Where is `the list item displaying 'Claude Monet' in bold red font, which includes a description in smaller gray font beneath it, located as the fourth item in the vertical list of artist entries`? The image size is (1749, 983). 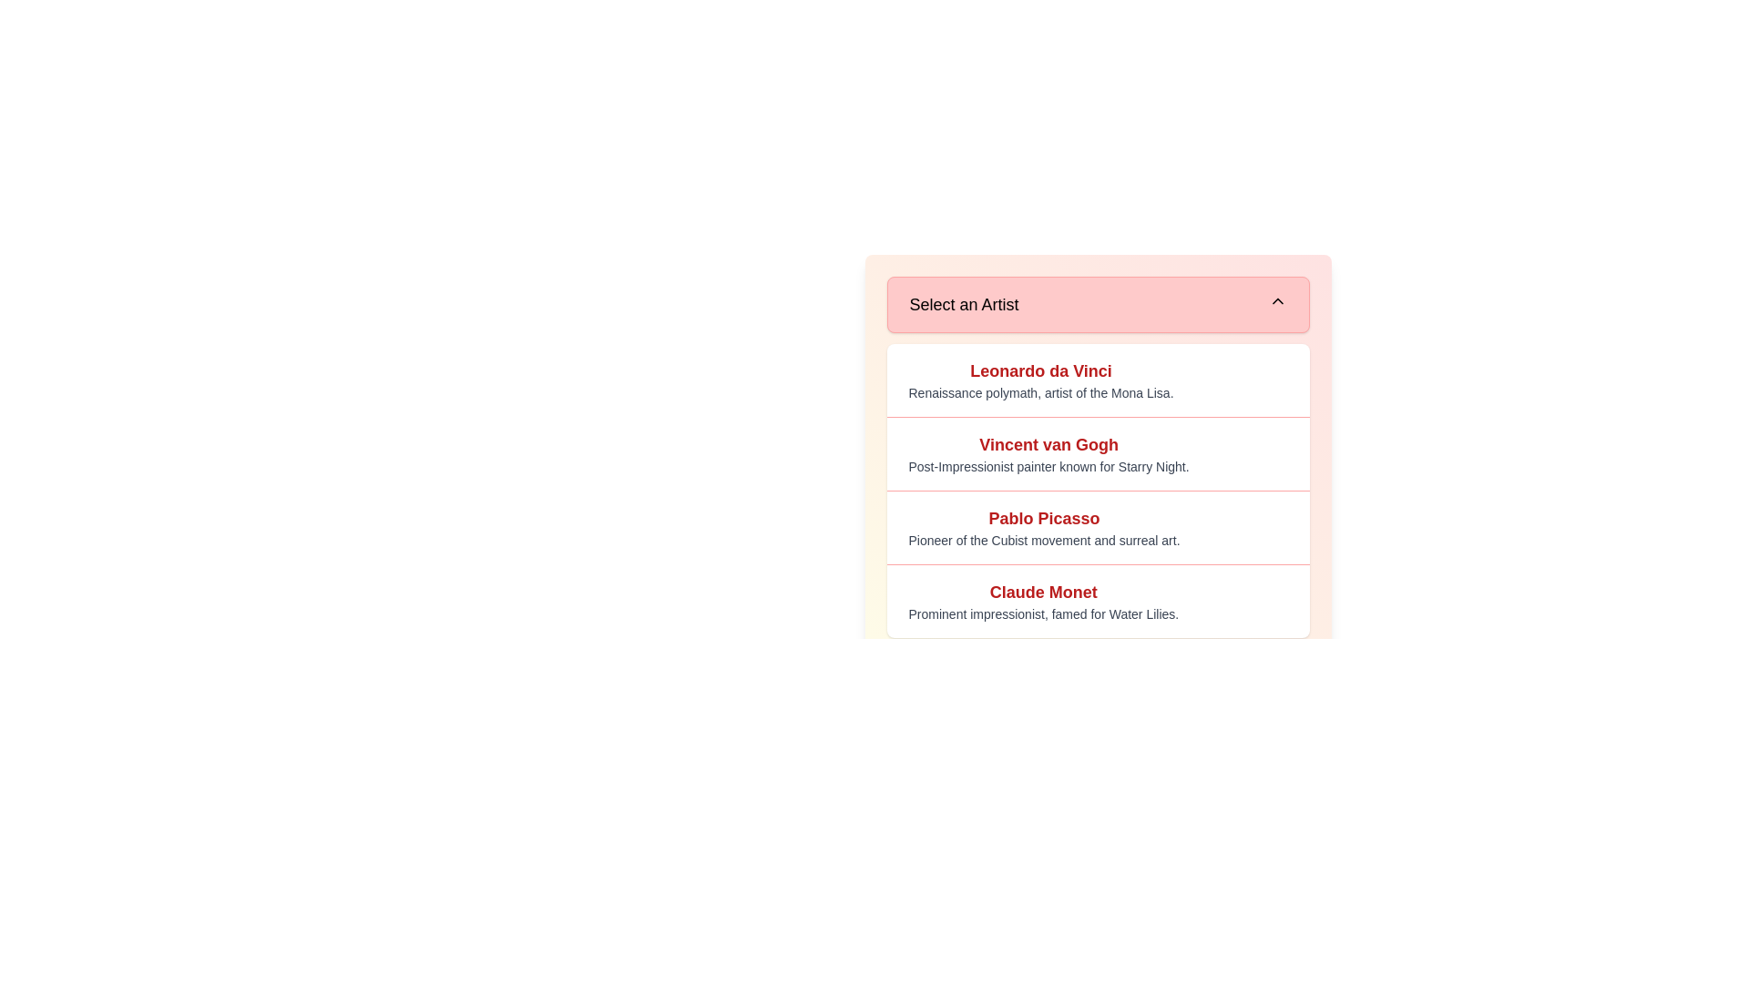
the list item displaying 'Claude Monet' in bold red font, which includes a description in smaller gray font beneath it, located as the fourth item in the vertical list of artist entries is located at coordinates (1097, 601).